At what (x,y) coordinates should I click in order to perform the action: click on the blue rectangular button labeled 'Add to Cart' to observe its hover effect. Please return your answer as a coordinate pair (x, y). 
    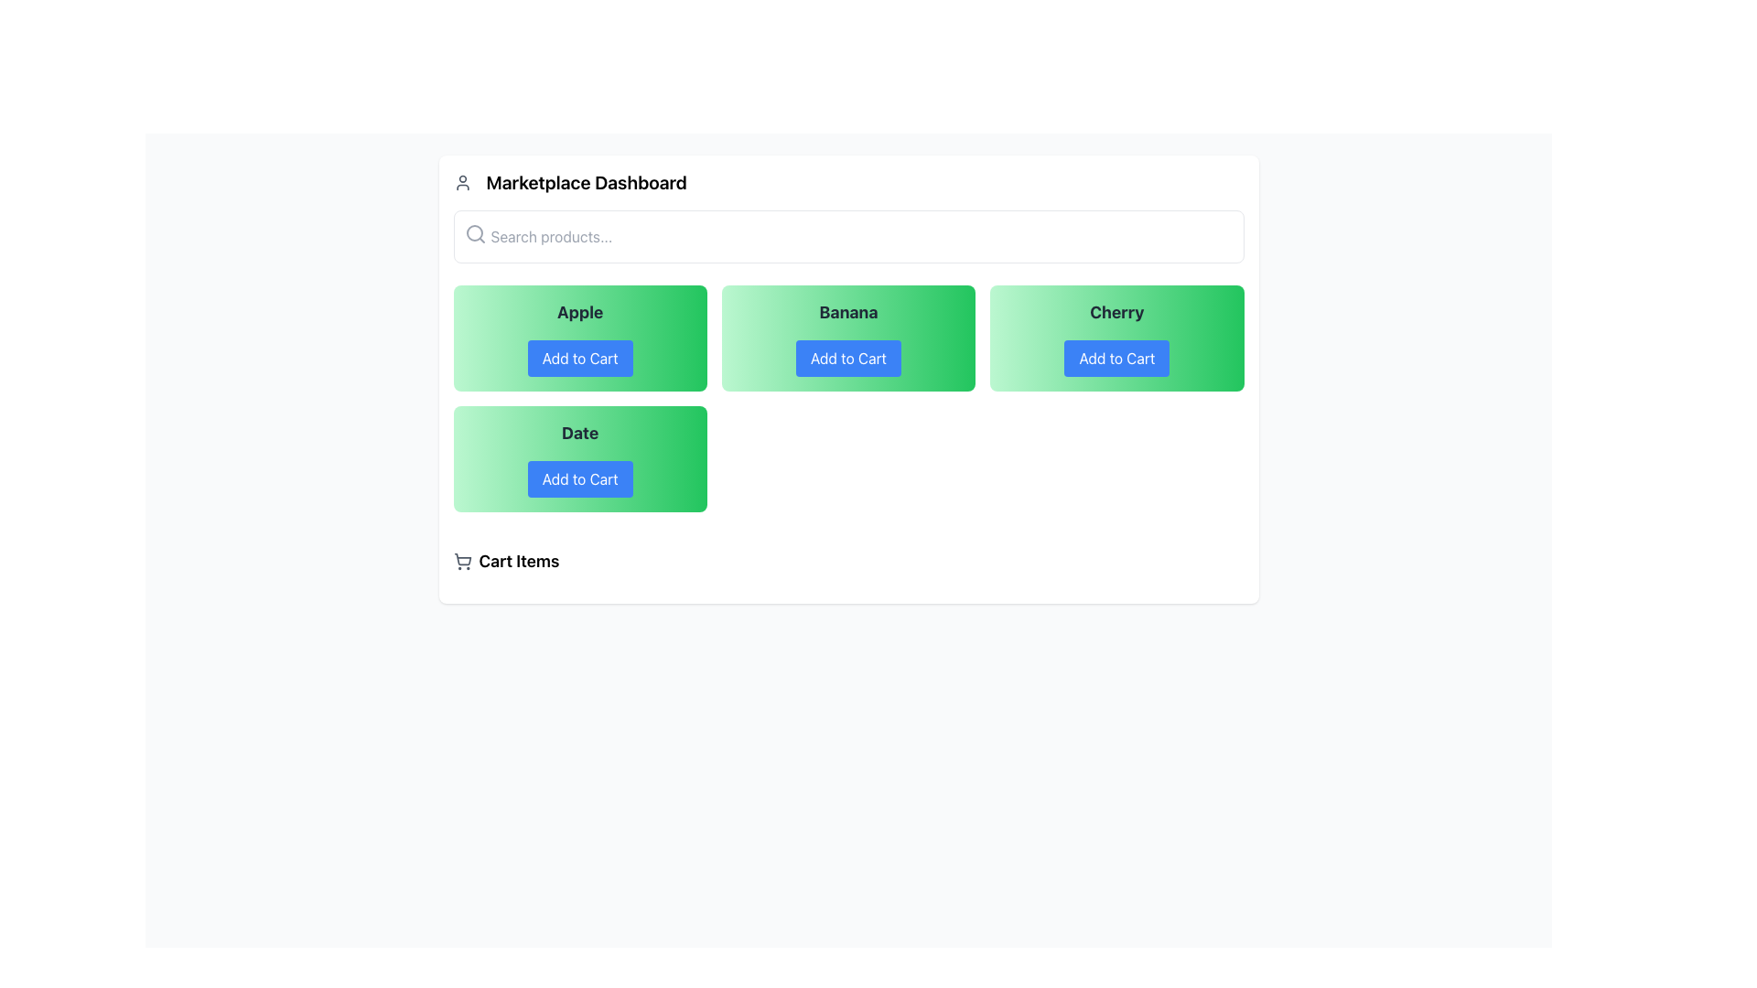
    Looking at the image, I should click on (579, 359).